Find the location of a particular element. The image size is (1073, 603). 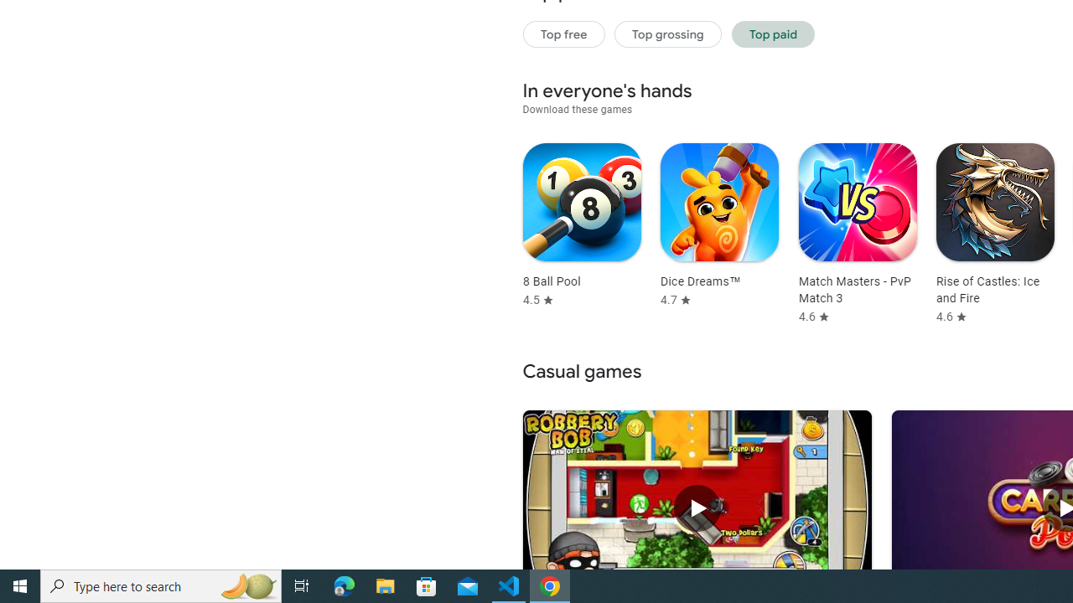

'8 Ball Pool Rated 4.5 stars out of five stars' is located at coordinates (582, 224).